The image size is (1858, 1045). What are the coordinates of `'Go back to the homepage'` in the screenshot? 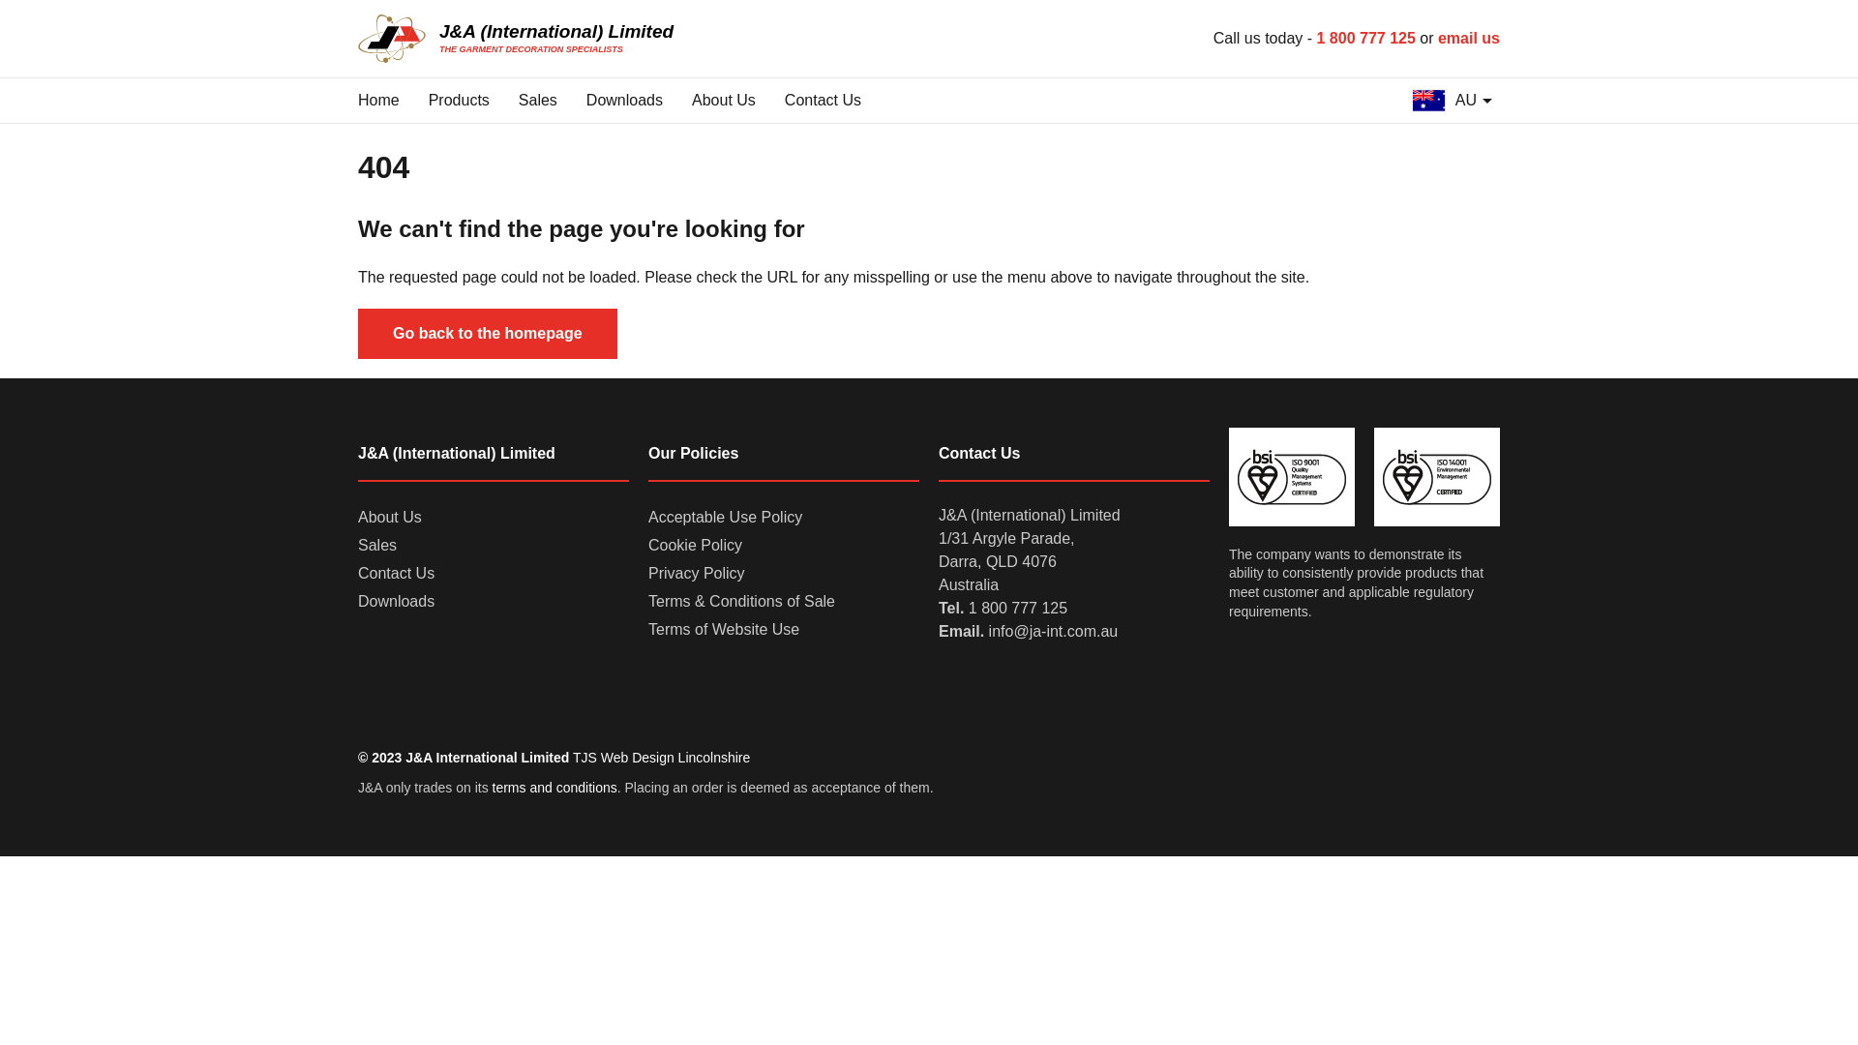 It's located at (488, 332).